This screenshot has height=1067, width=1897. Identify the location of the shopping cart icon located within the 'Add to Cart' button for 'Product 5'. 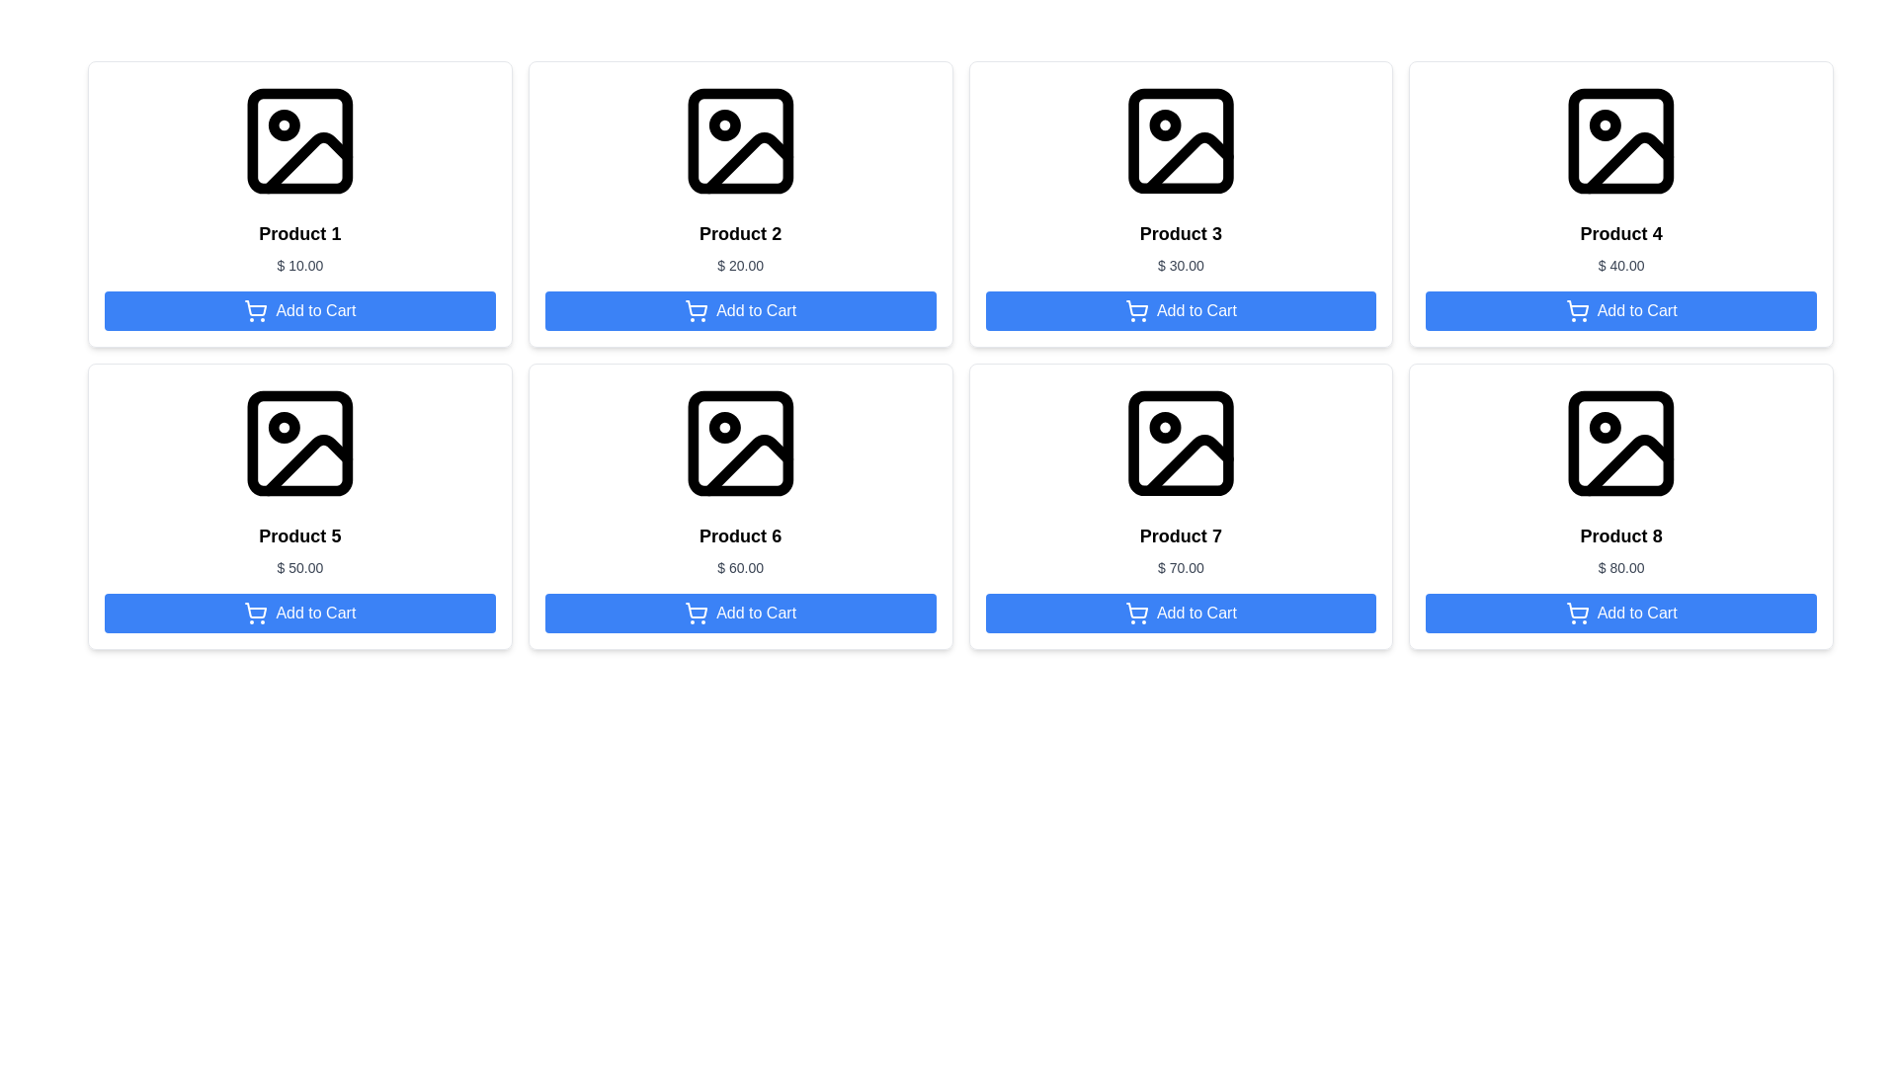
(255, 610).